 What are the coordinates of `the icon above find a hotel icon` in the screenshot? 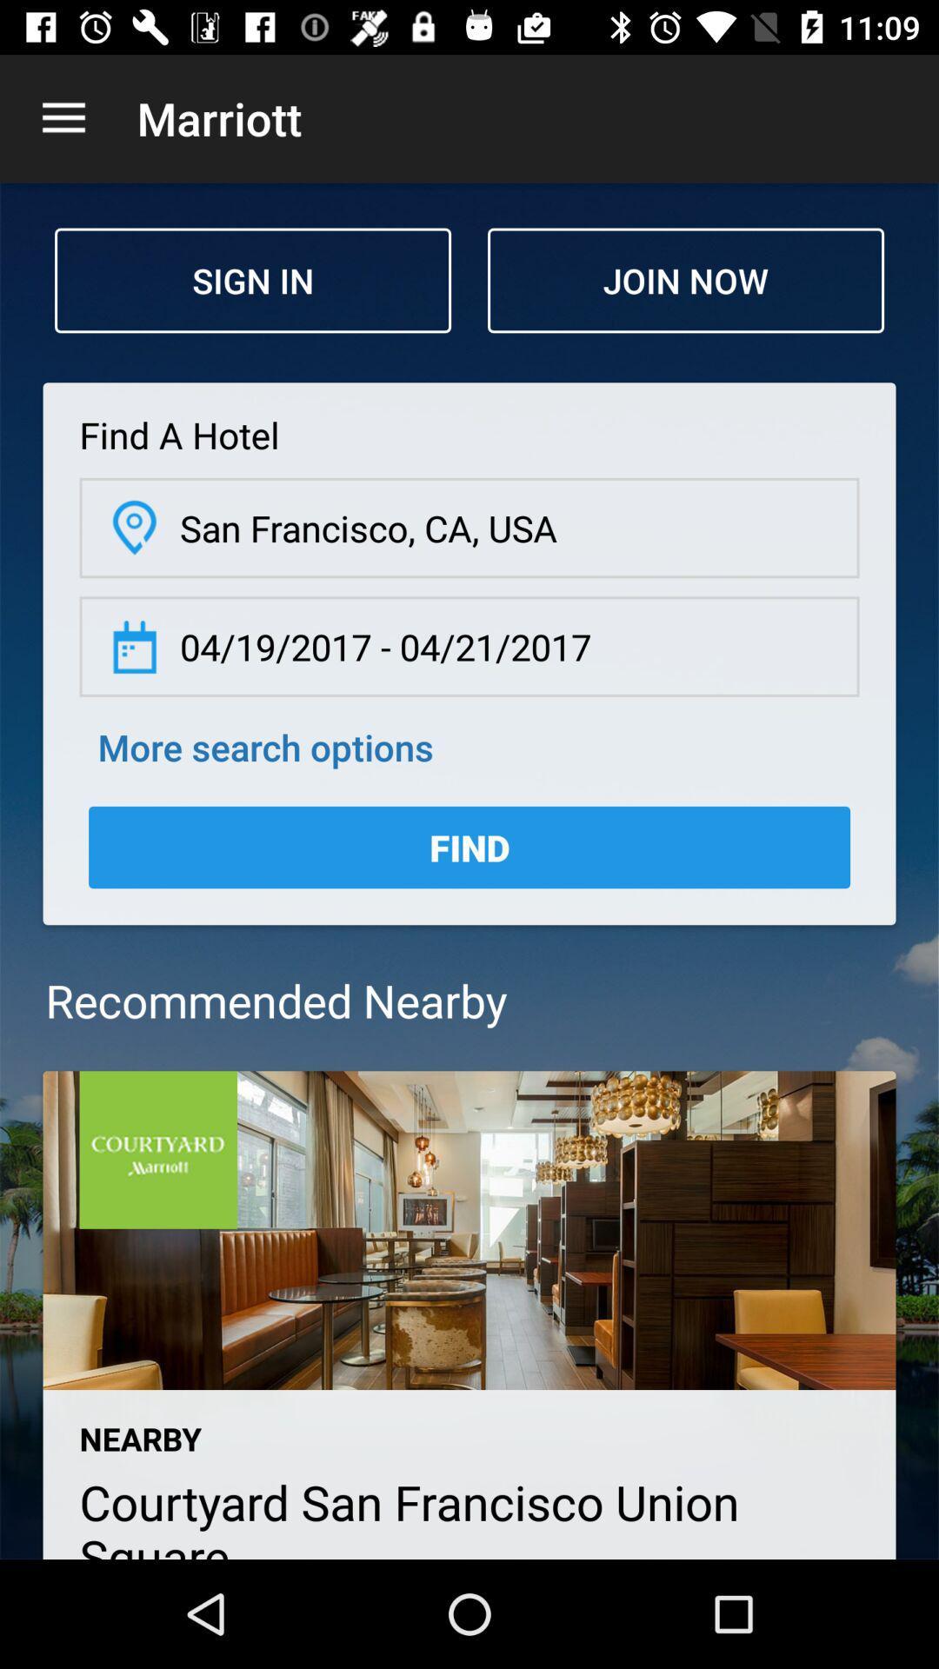 It's located at (252, 280).